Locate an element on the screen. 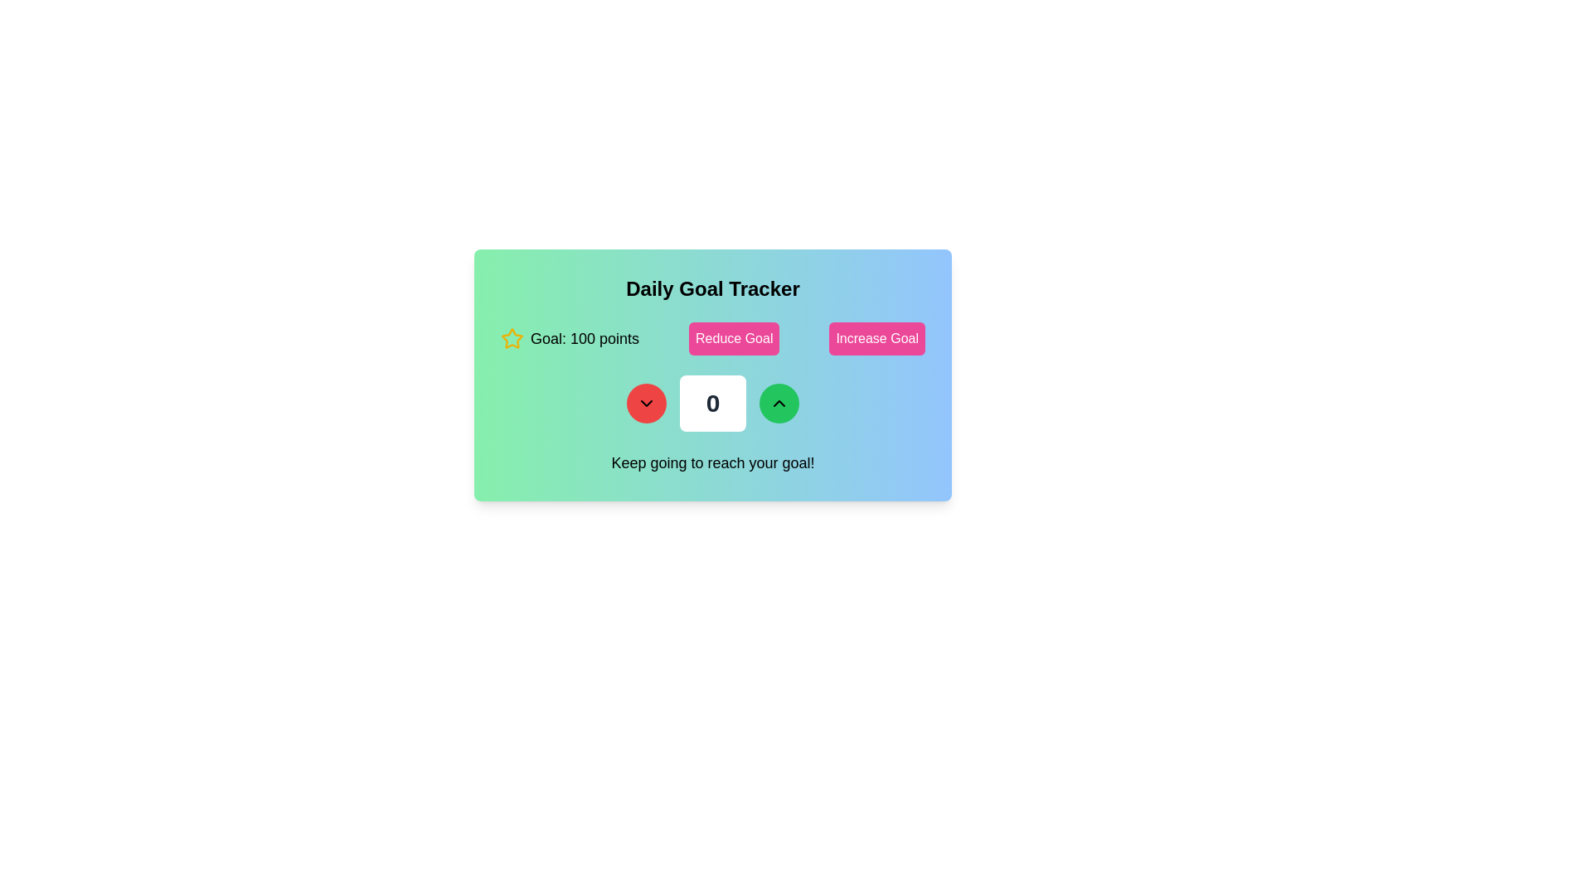 The width and height of the screenshot is (1592, 895). the centered text component labeled 'Keep going to reach your goal!' which is positioned at the bottom of the 'Daily Goal Tracker' interface card is located at coordinates (712, 463).